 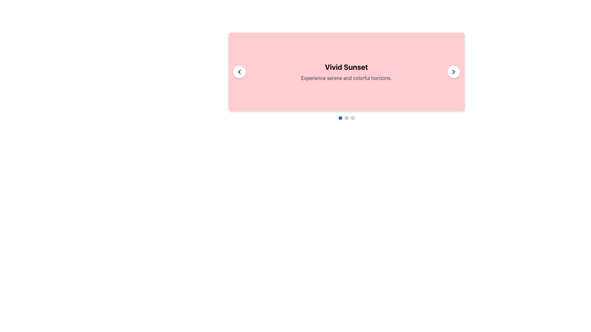 I want to click on the title and description text on the carousel slide located at the center coordinates of the element, so click(x=346, y=72).